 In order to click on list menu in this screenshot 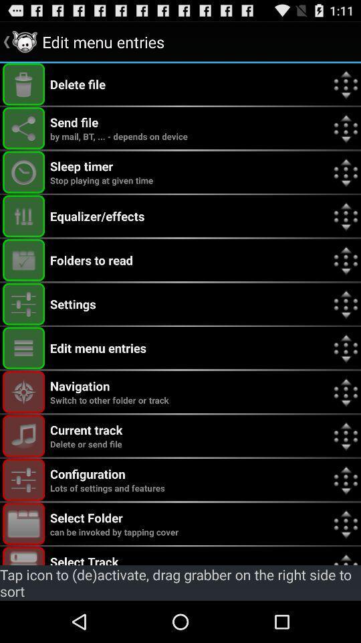, I will do `click(23, 347)`.